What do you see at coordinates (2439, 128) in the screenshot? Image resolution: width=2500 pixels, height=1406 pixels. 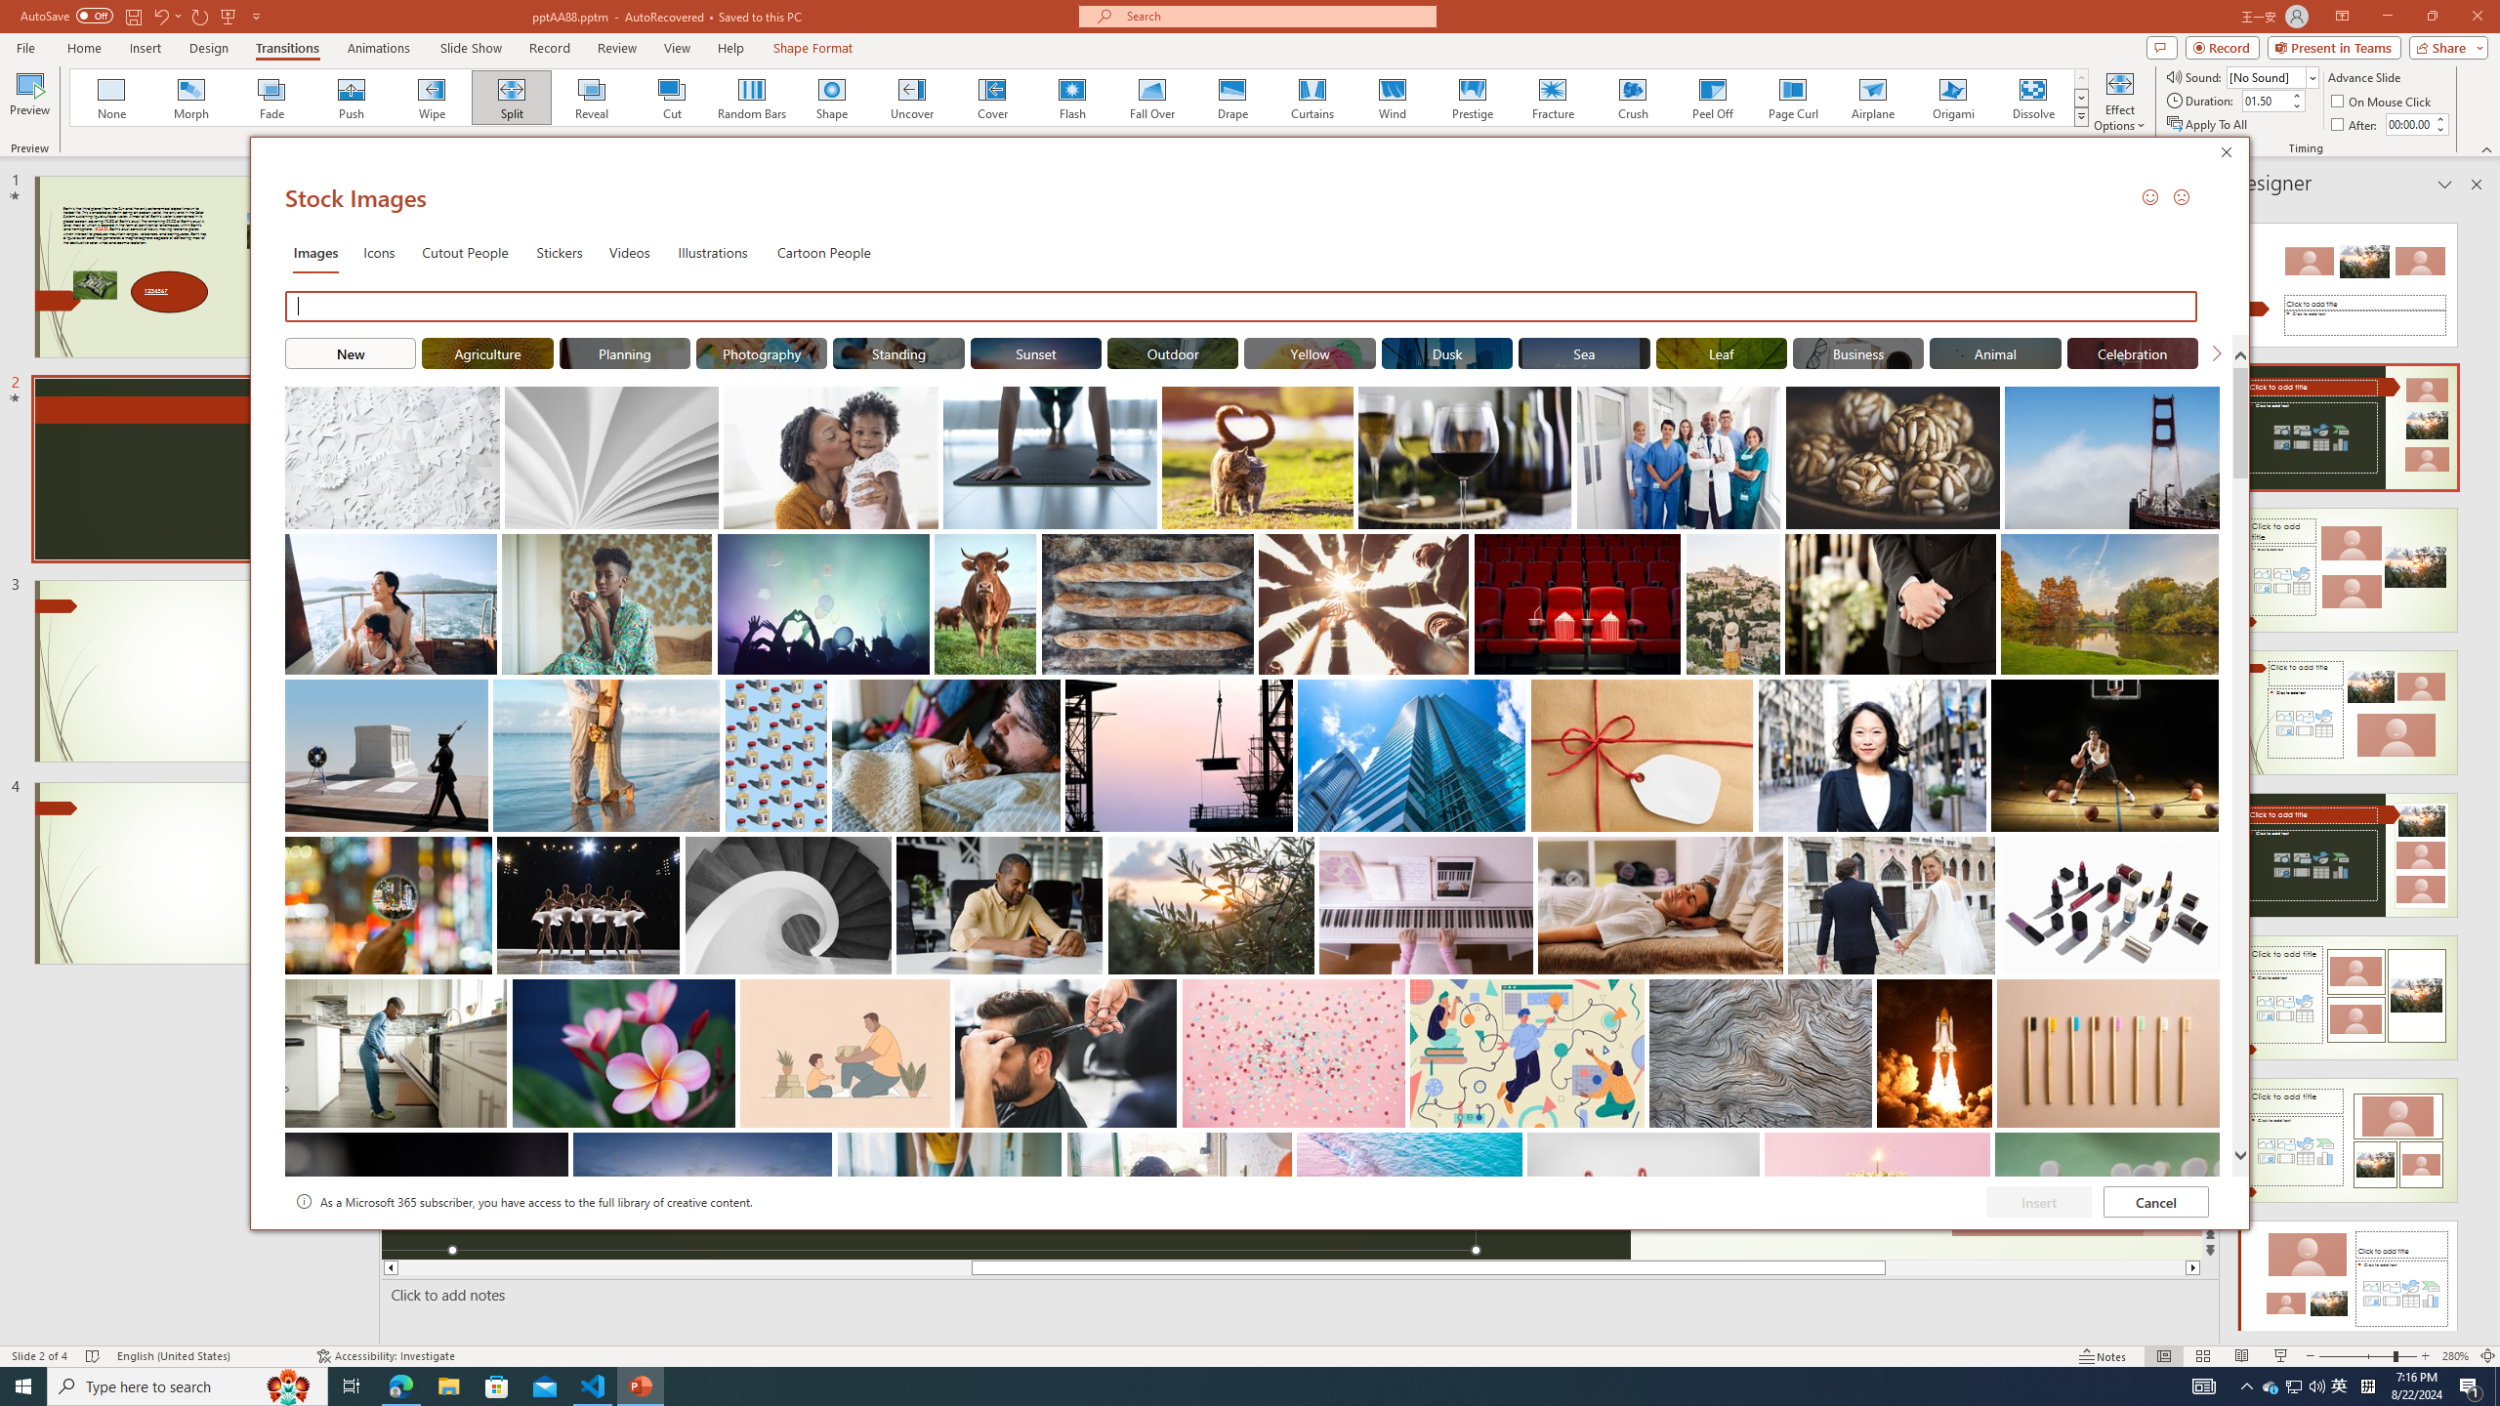 I see `'Less'` at bounding box center [2439, 128].